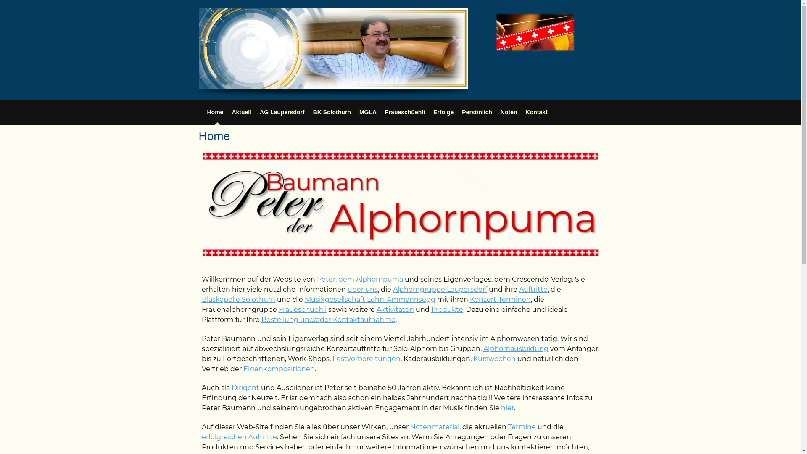 The height and width of the screenshot is (454, 807). I want to click on 'hier', so click(501, 407).